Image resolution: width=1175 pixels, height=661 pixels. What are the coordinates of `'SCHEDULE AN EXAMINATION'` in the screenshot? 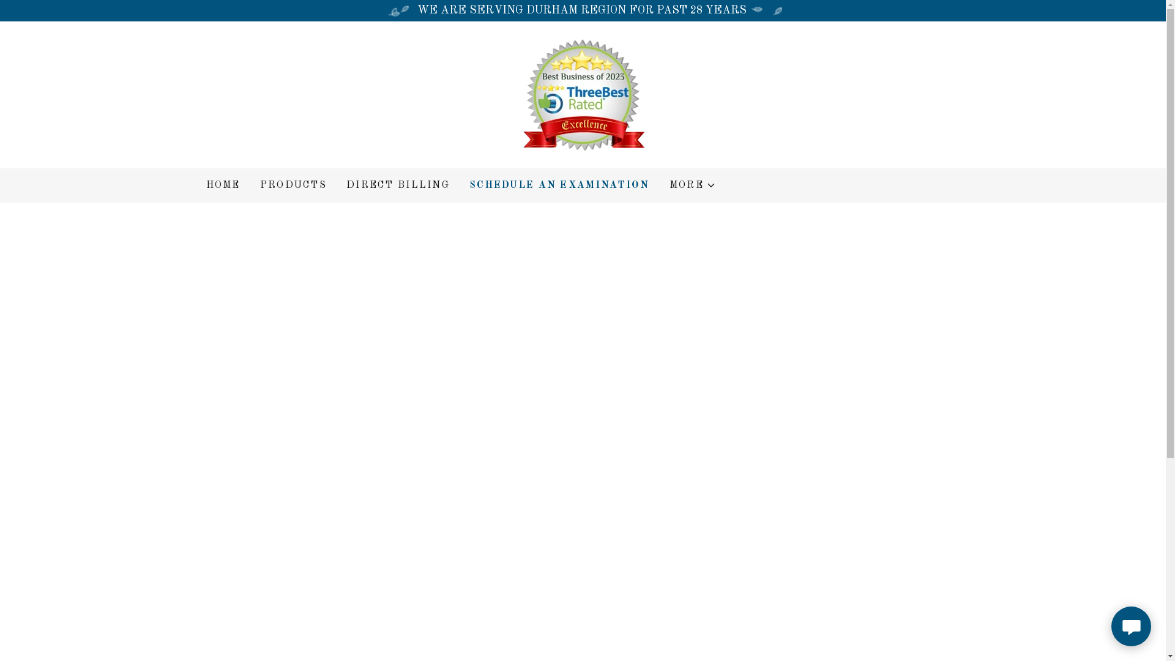 It's located at (559, 185).